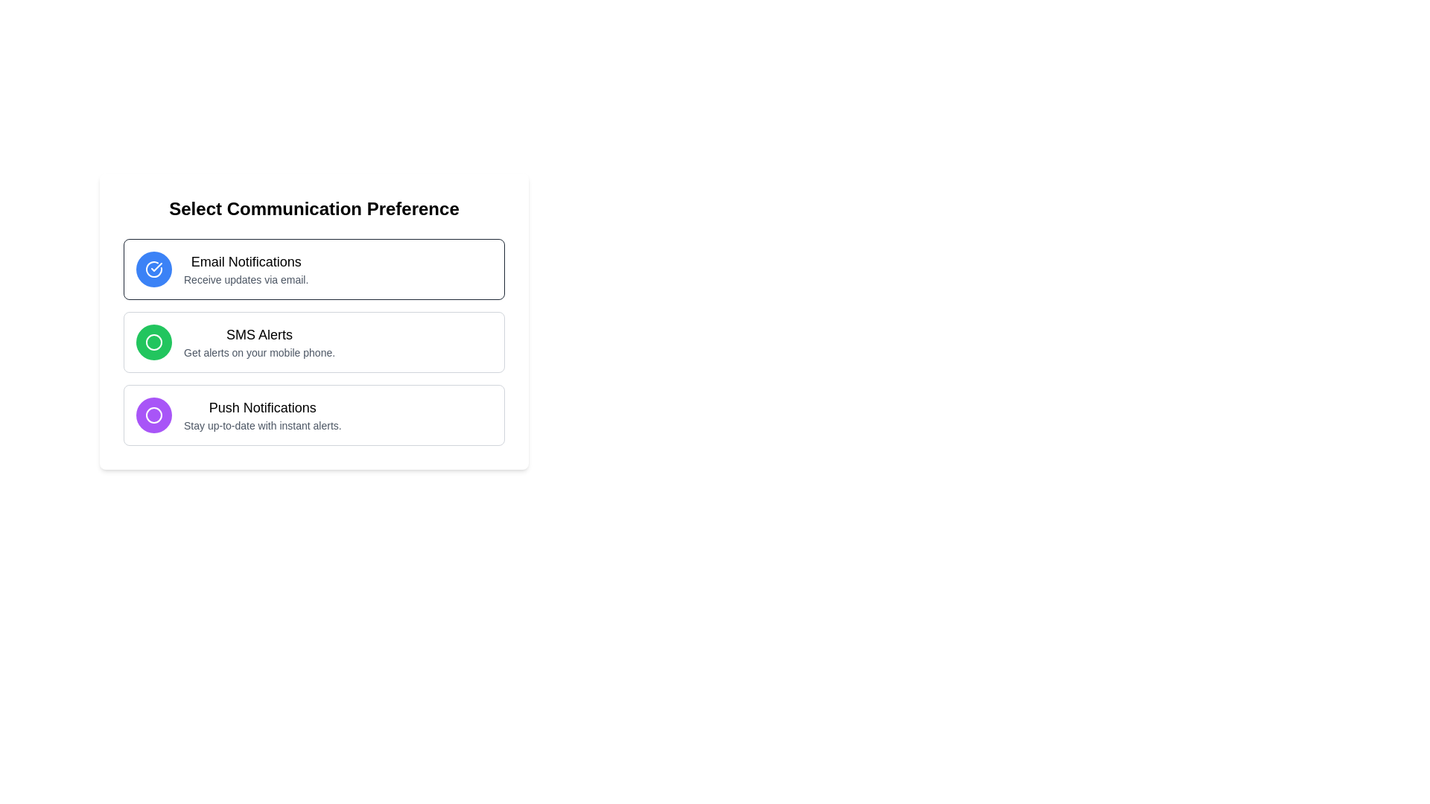 This screenshot has height=804, width=1430. What do you see at coordinates (156, 266) in the screenshot?
I see `the blue checkmark icon within the 'Email Notifications' option, which indicates selection or confirmation` at bounding box center [156, 266].